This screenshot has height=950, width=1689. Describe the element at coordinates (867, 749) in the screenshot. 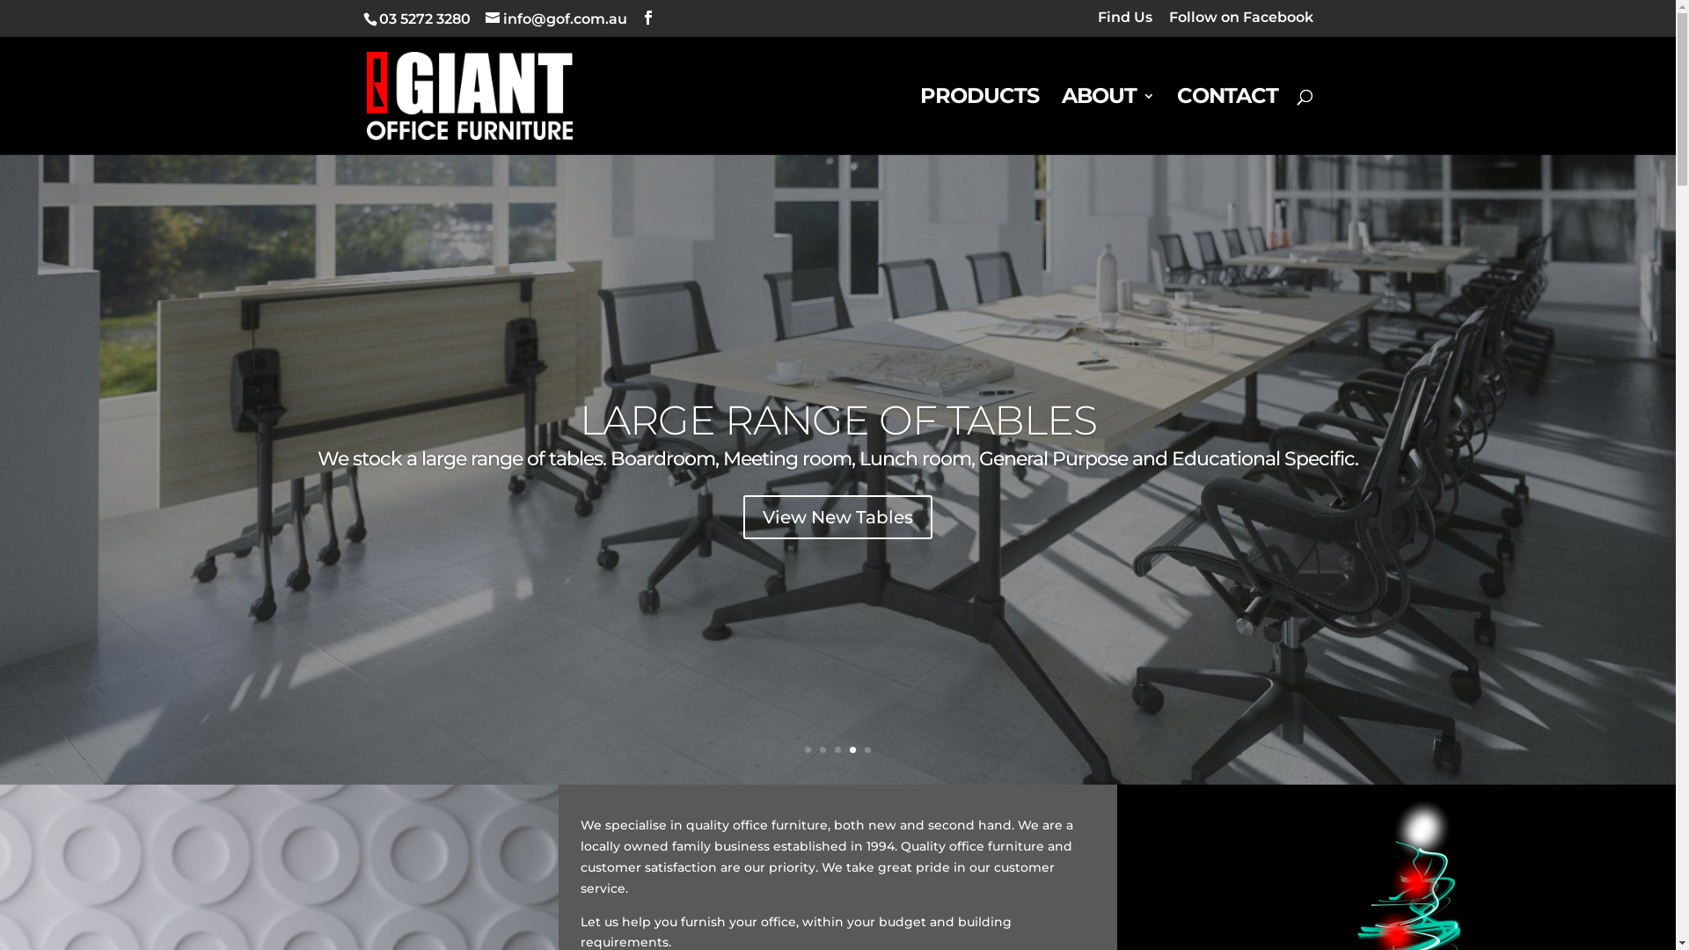

I see `'5'` at that location.